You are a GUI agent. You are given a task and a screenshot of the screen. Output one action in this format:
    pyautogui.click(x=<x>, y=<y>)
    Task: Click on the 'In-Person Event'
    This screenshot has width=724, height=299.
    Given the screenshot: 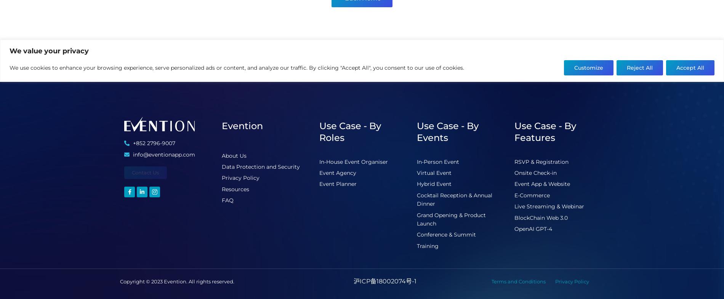 What is the action you would take?
    pyautogui.click(x=417, y=161)
    